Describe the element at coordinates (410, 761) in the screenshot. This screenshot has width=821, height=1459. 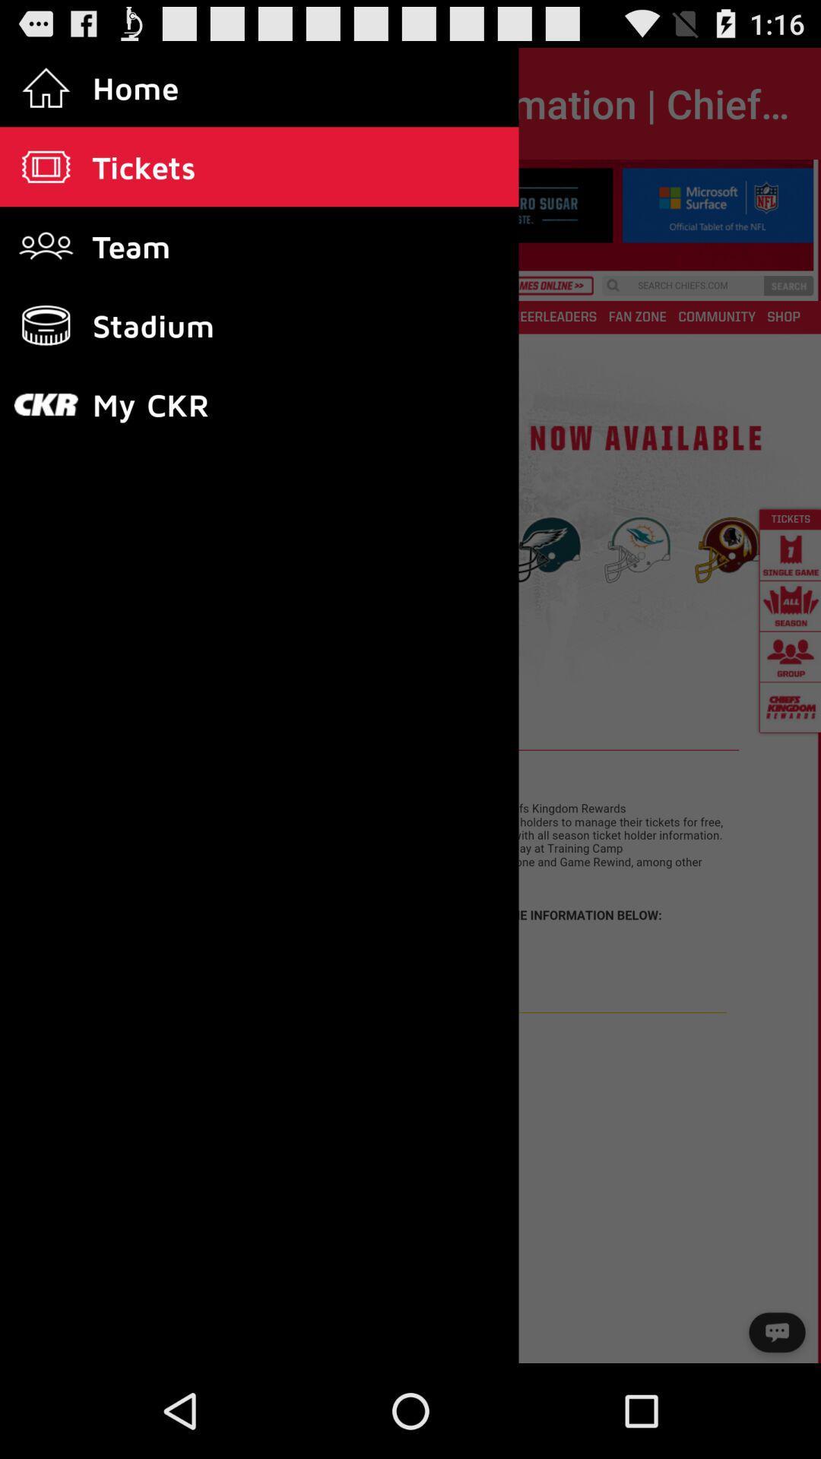
I see `the entire interface of the app` at that location.